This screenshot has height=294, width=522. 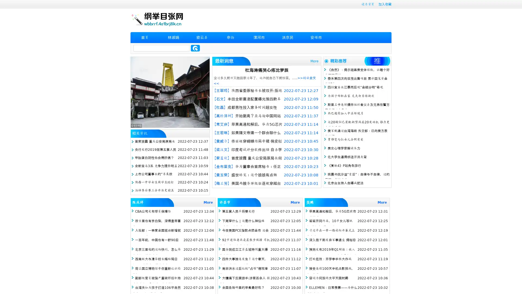 What do you see at coordinates (195, 48) in the screenshot?
I see `Search` at bounding box center [195, 48].